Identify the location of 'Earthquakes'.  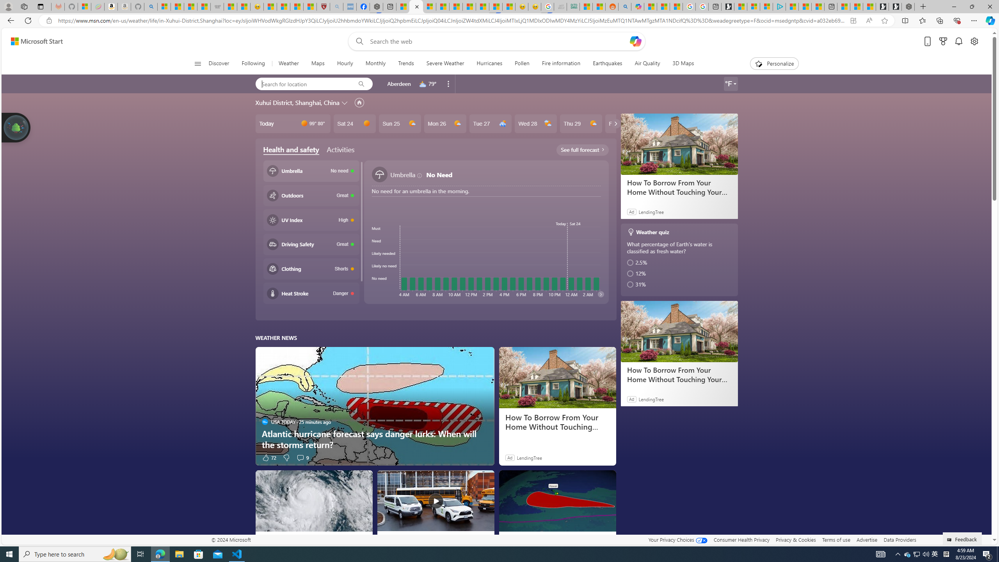
(607, 63).